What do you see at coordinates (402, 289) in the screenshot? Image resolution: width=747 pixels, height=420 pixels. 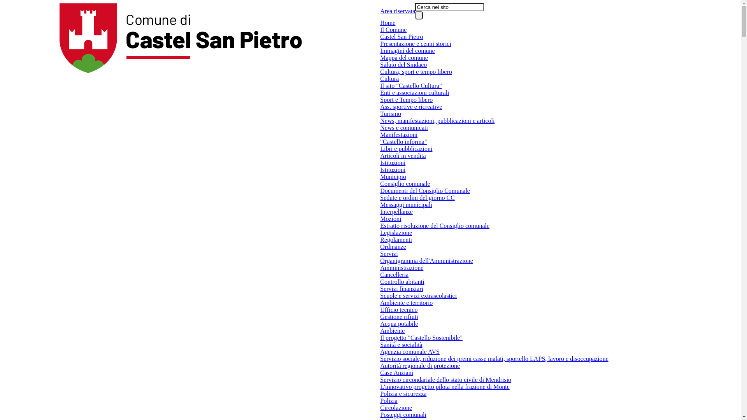 I see `'Servizi finanziari'` at bounding box center [402, 289].